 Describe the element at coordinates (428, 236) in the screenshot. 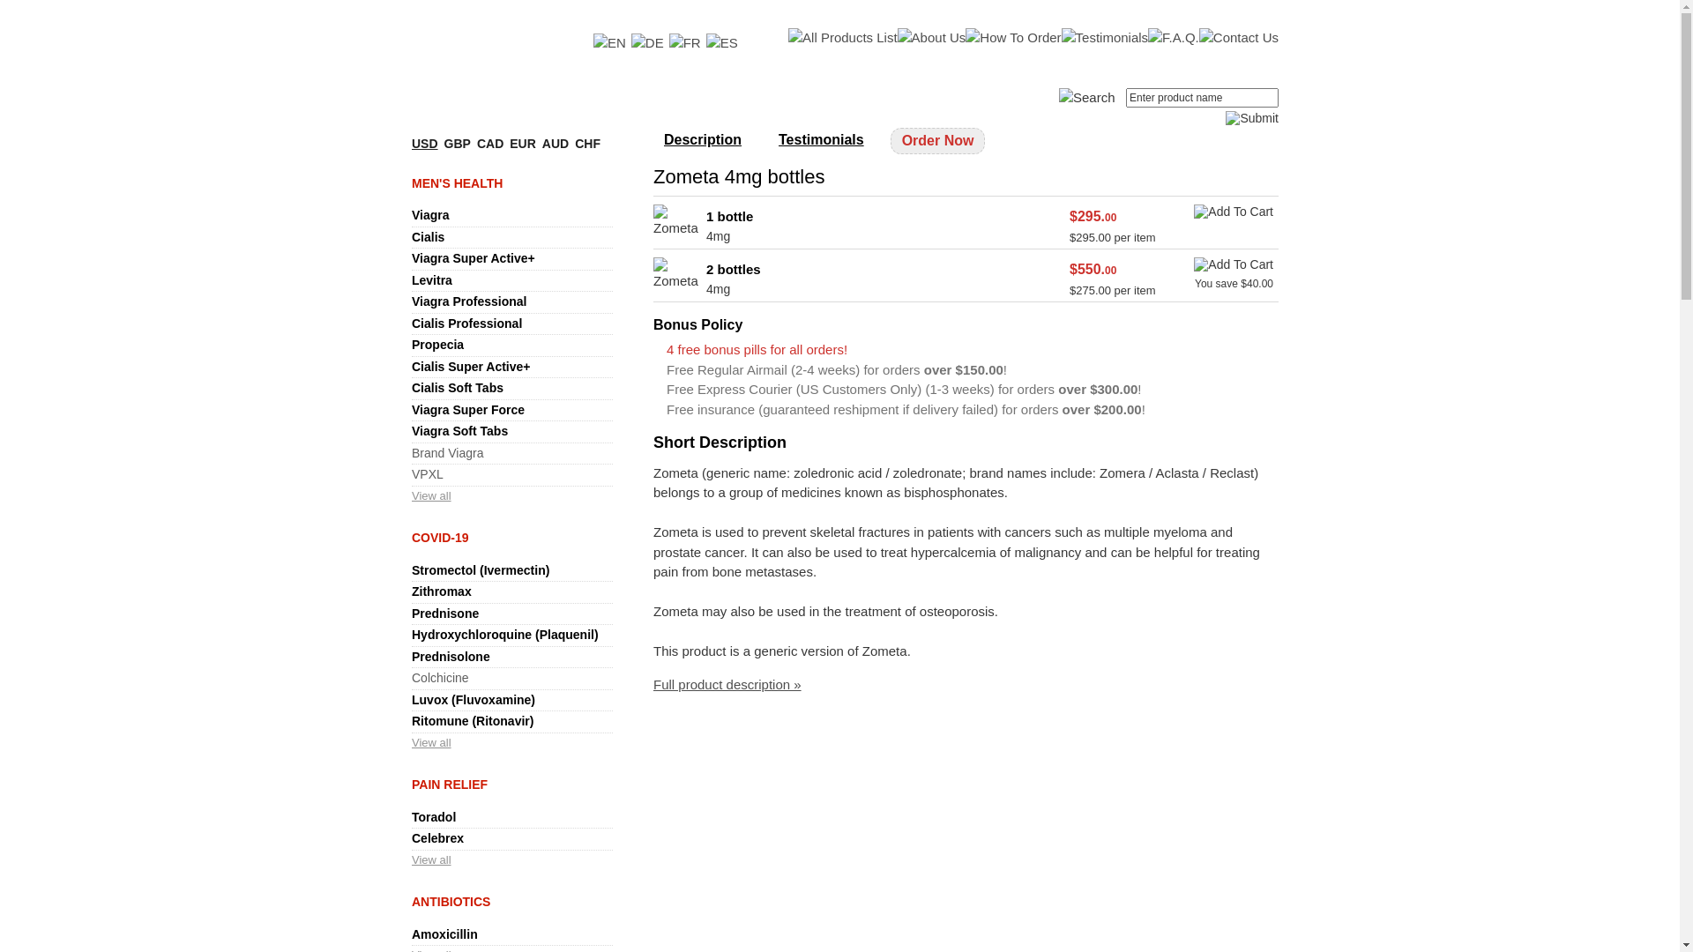

I see `'Cialis'` at that location.